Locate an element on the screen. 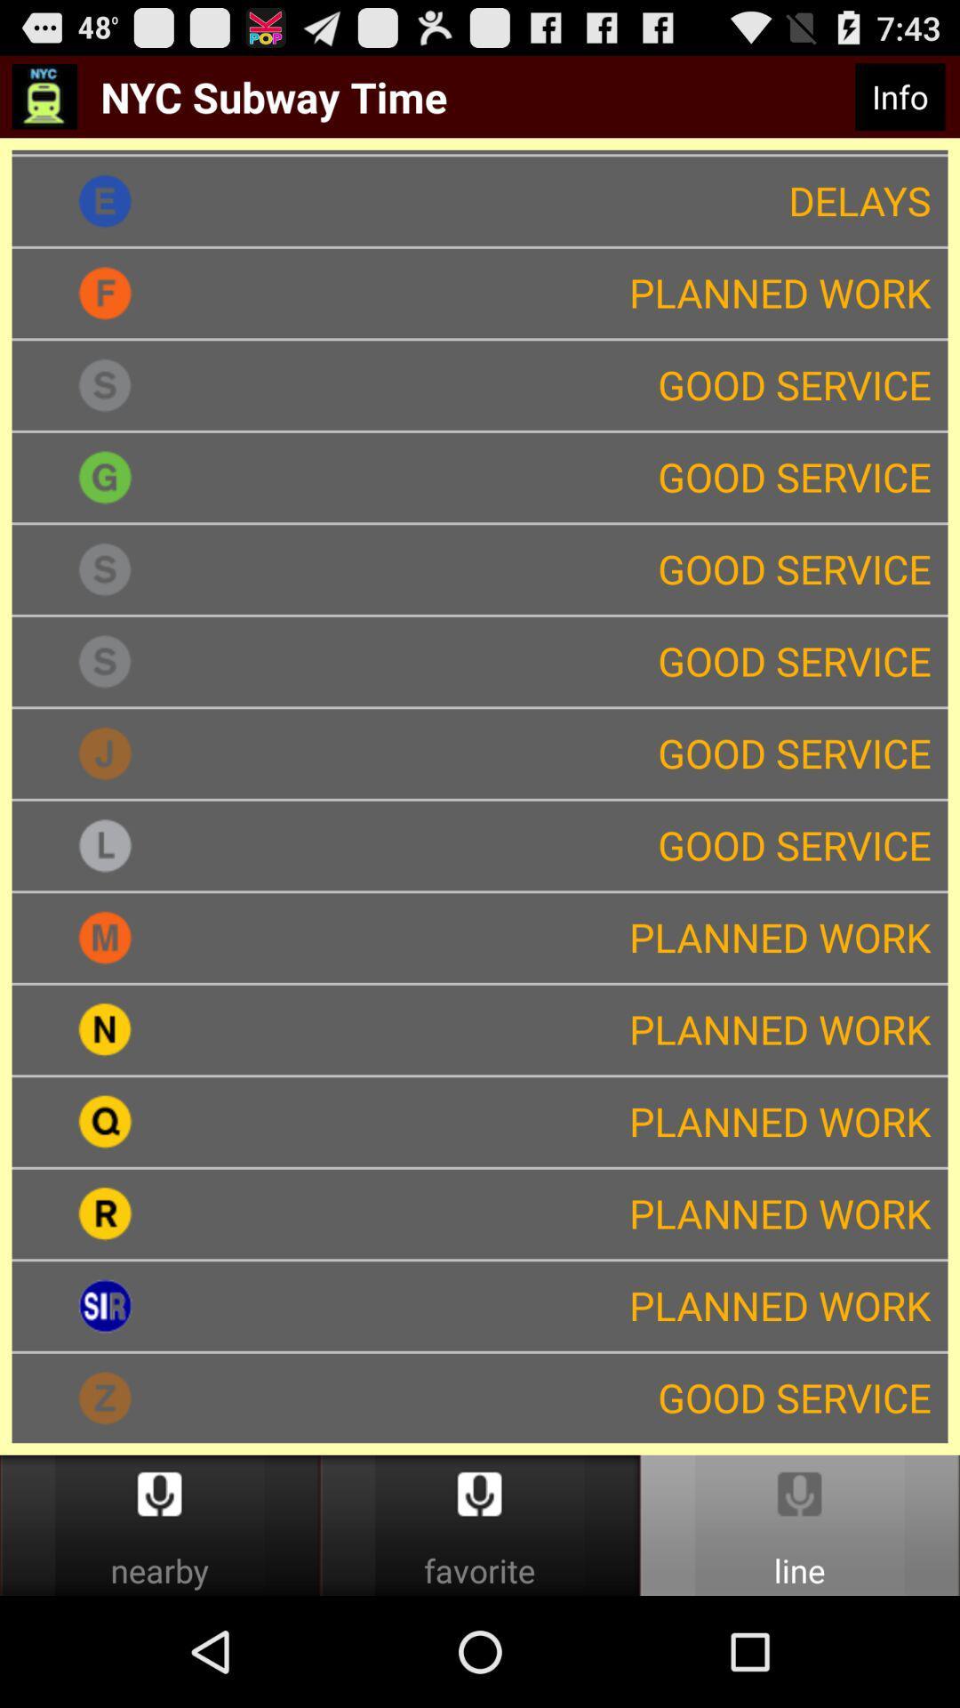 This screenshot has width=960, height=1708. delays icon is located at coordinates (572, 200).